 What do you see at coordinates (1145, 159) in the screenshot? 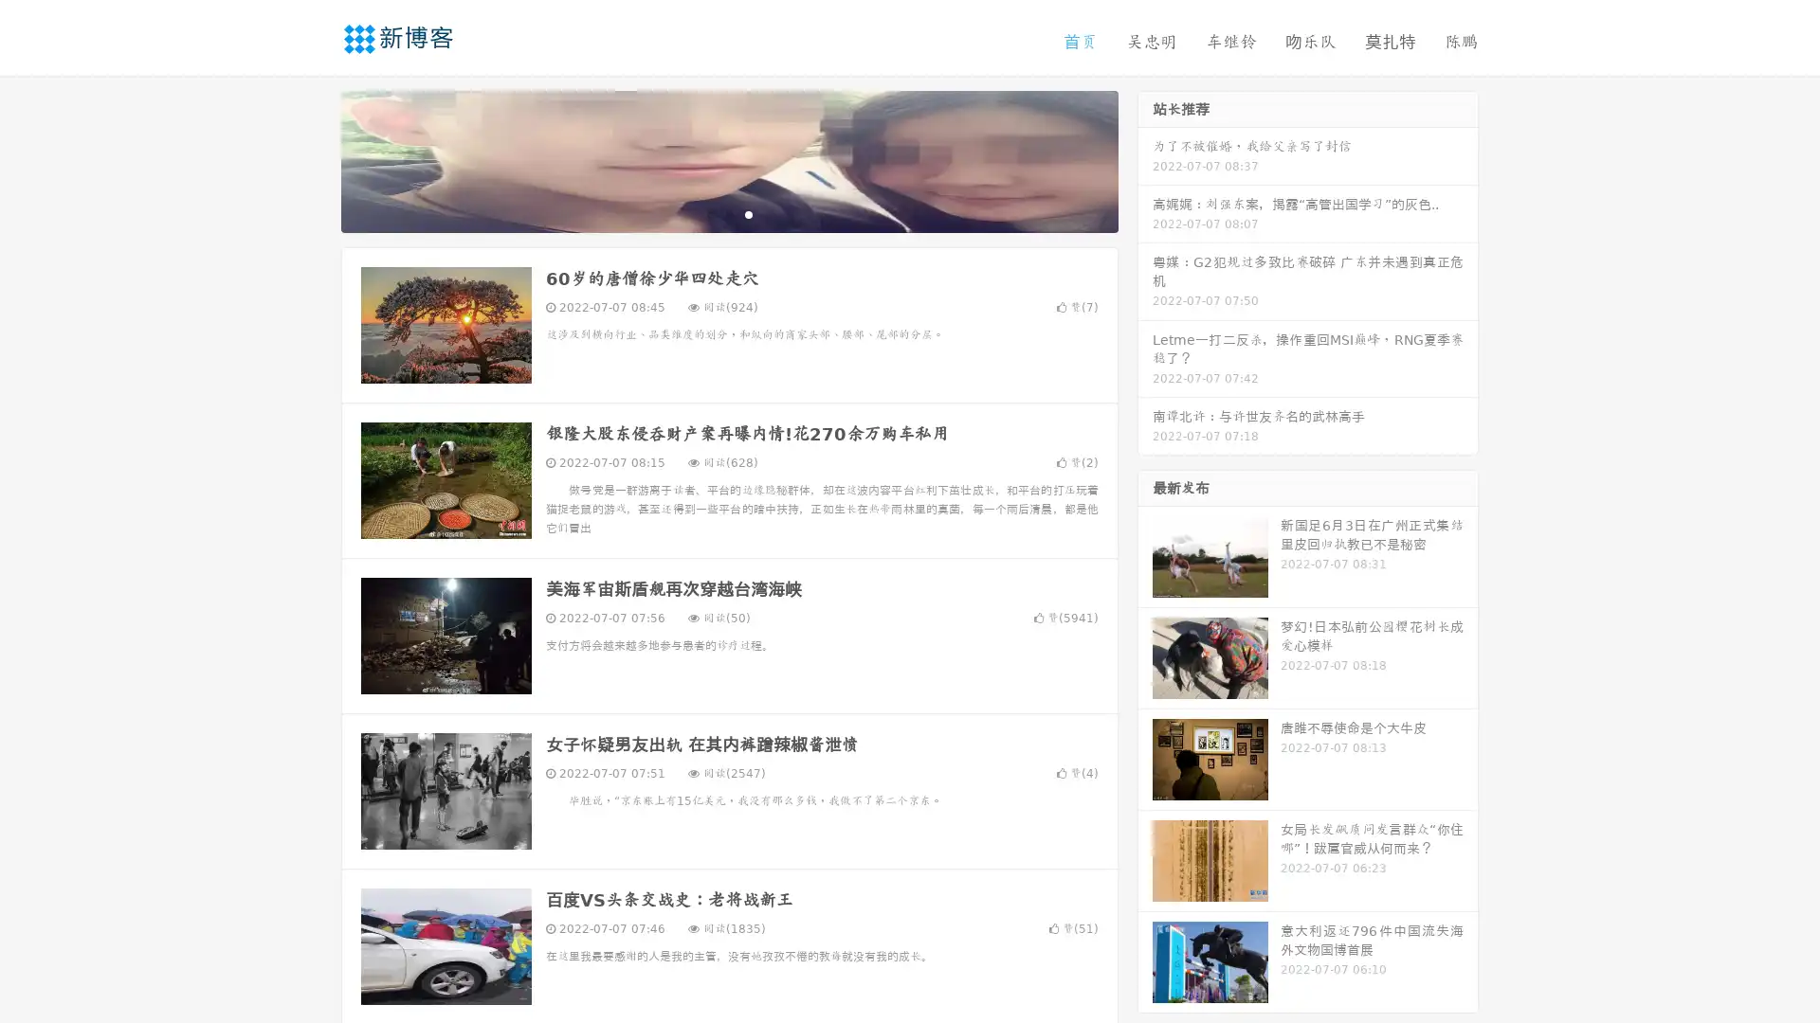
I see `Next slide` at bounding box center [1145, 159].